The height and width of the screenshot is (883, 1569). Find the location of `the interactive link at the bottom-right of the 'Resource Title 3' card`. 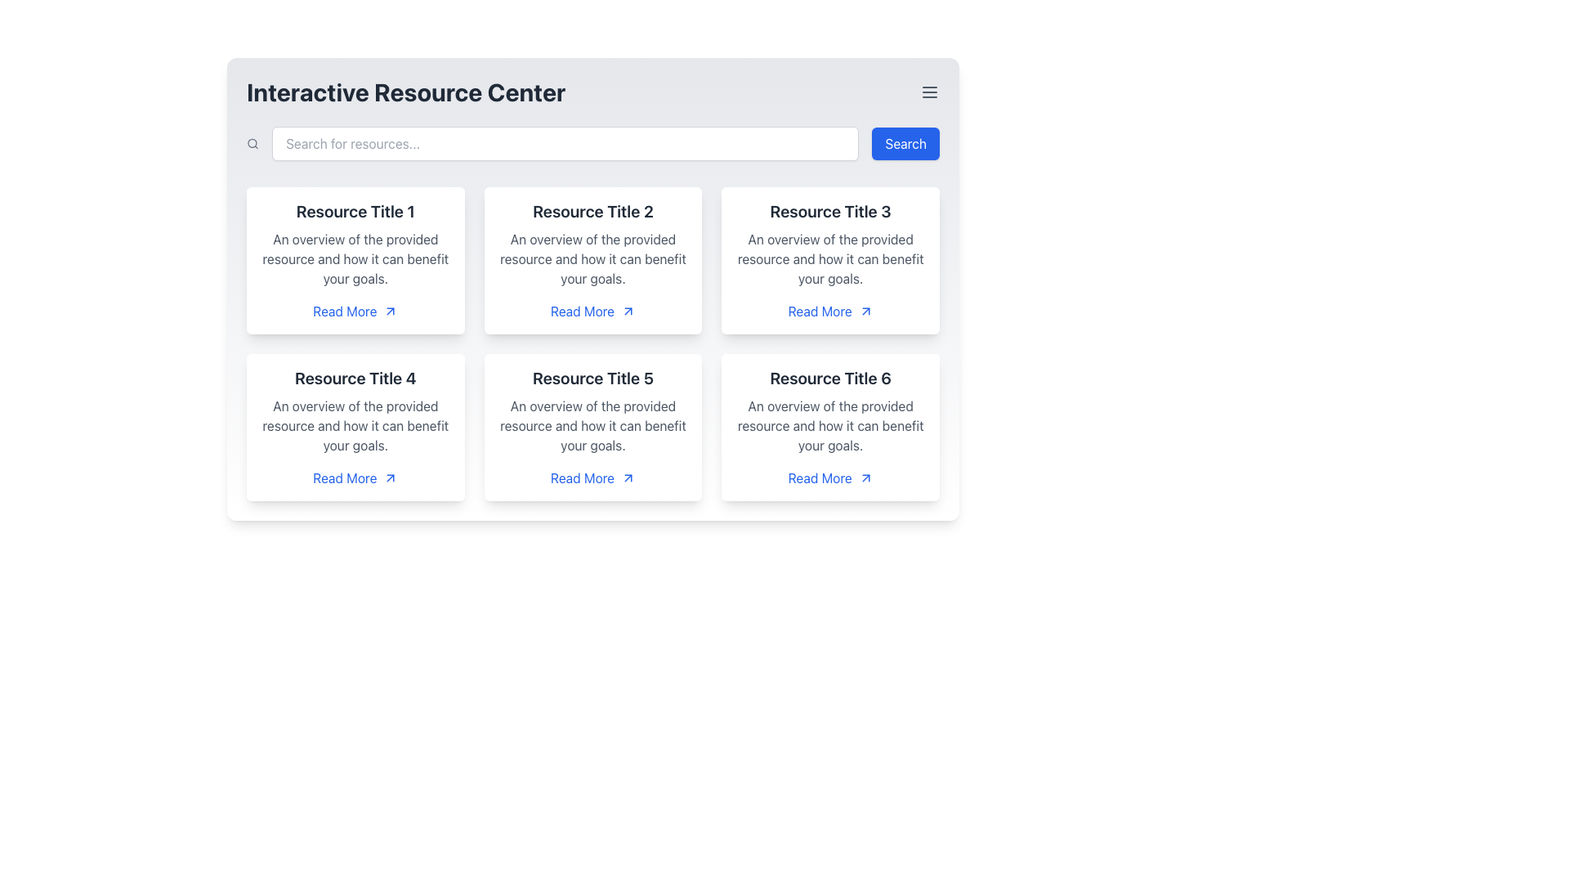

the interactive link at the bottom-right of the 'Resource Title 3' card is located at coordinates (830, 312).